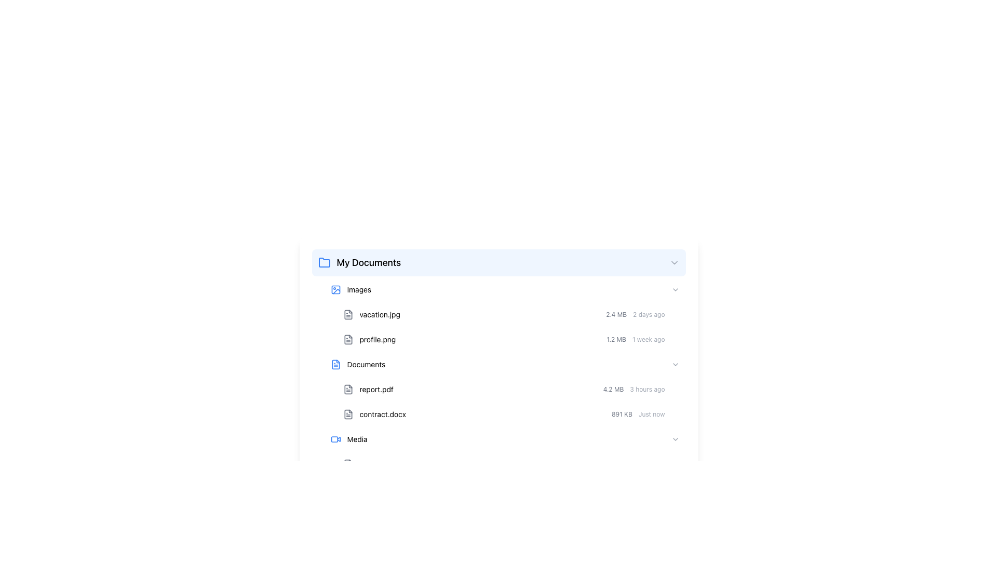 This screenshot has height=561, width=997. Describe the element at coordinates (335, 364) in the screenshot. I see `the small blue document icon with a folded corner next to the text 'Documents' in the second item of the list view` at that location.